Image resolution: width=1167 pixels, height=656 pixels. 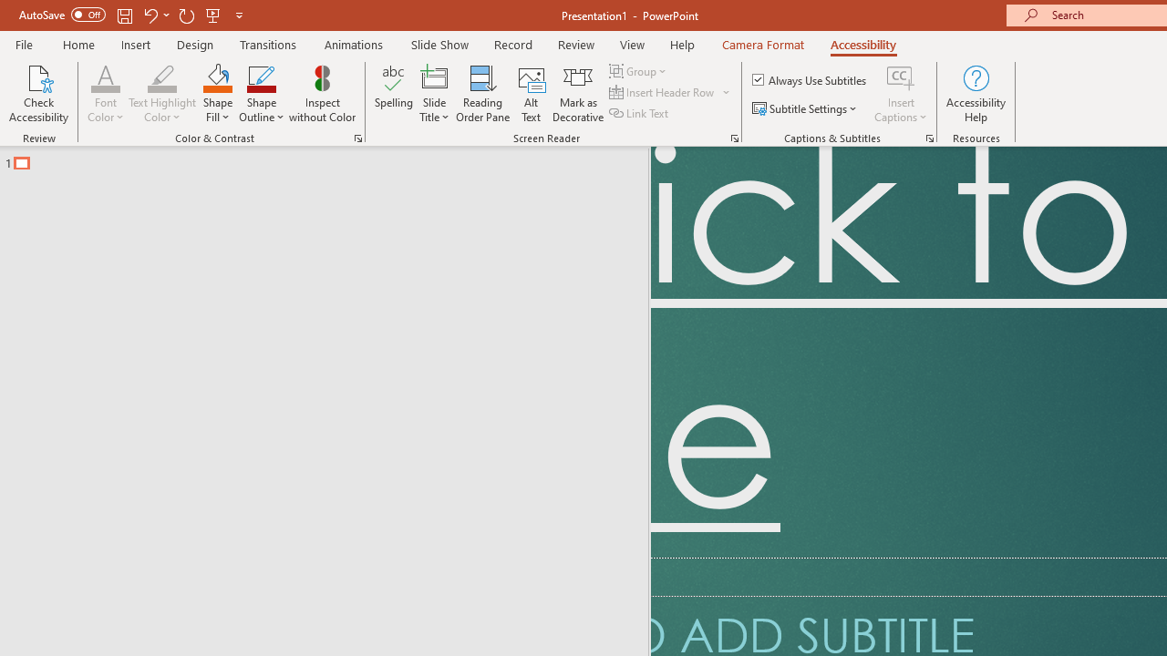 What do you see at coordinates (150, 15) in the screenshot?
I see `'Undo'` at bounding box center [150, 15].